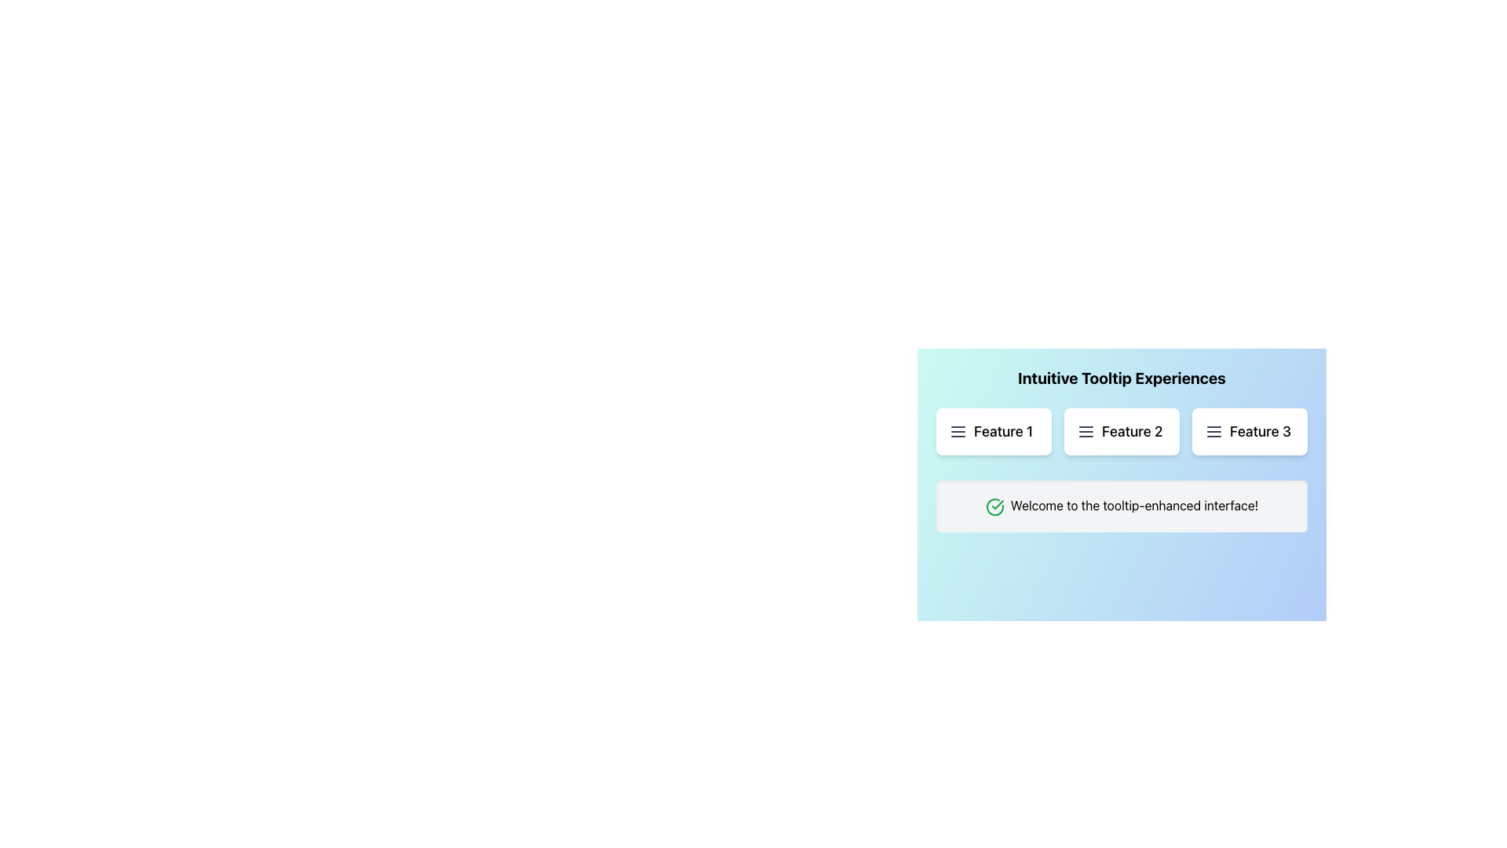  Describe the element at coordinates (1249, 432) in the screenshot. I see `the selectable feature option labeled 'Feature 3', which is the third item in a horizontally aligned group of features` at that location.